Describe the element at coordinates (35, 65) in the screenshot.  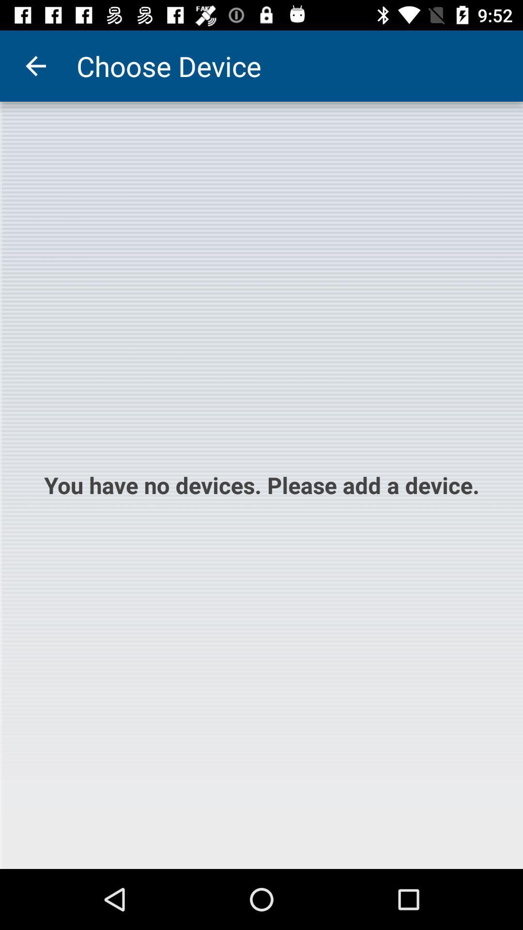
I see `the item to the left of the choose device item` at that location.